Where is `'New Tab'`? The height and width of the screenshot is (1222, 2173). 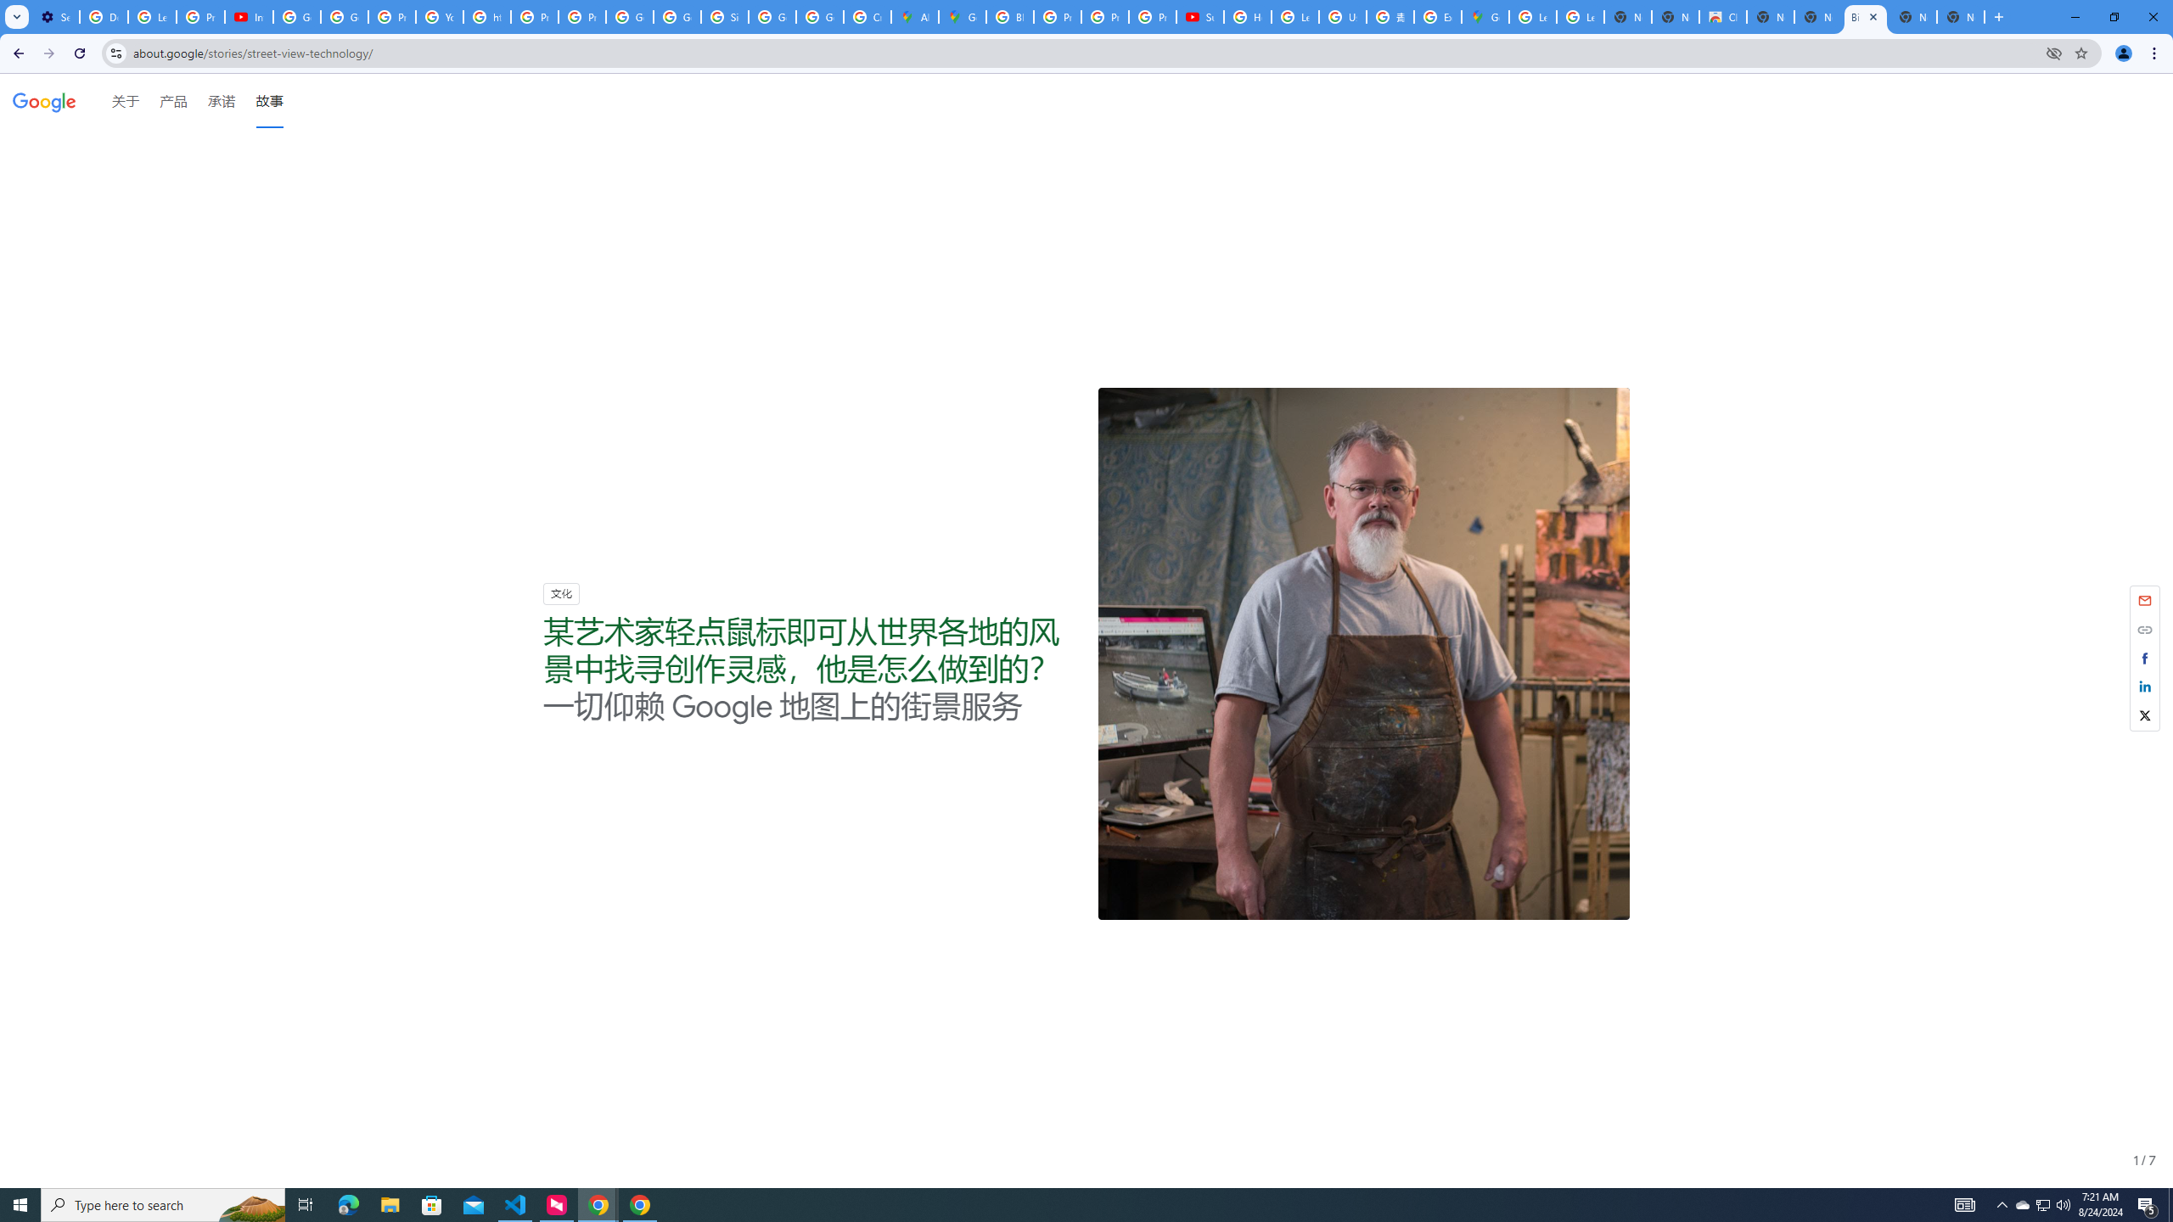
'New Tab' is located at coordinates (1961, 16).